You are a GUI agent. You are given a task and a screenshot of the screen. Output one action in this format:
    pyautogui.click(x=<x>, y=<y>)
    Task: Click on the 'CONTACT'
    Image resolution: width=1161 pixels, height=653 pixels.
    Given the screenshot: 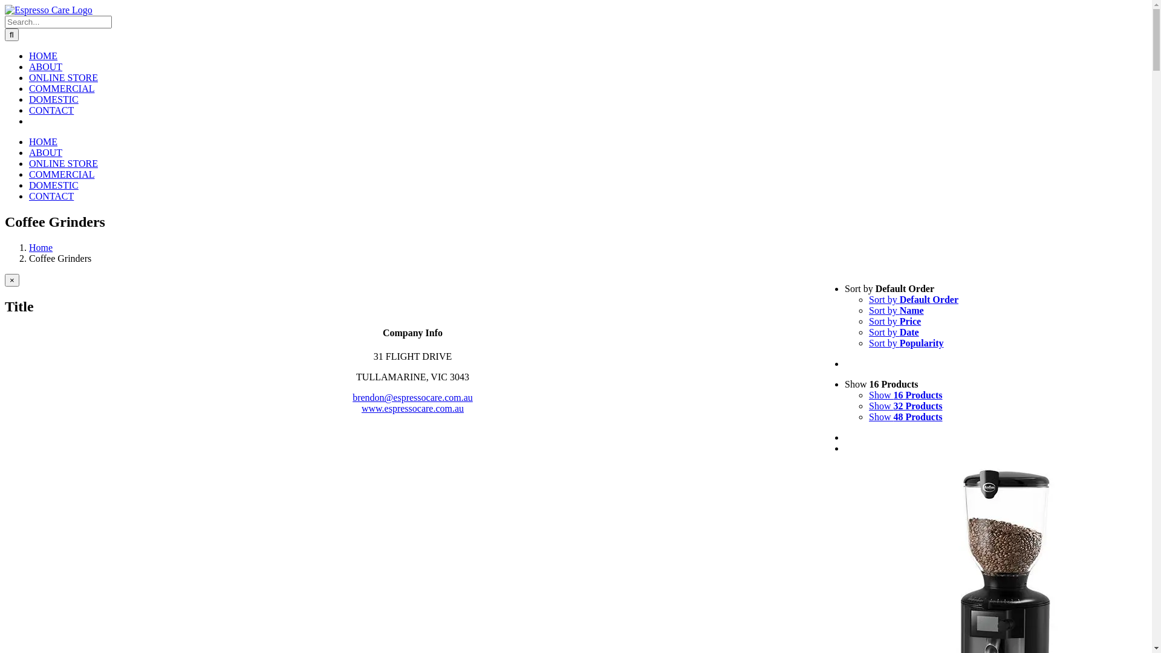 What is the action you would take?
    pyautogui.click(x=29, y=195)
    